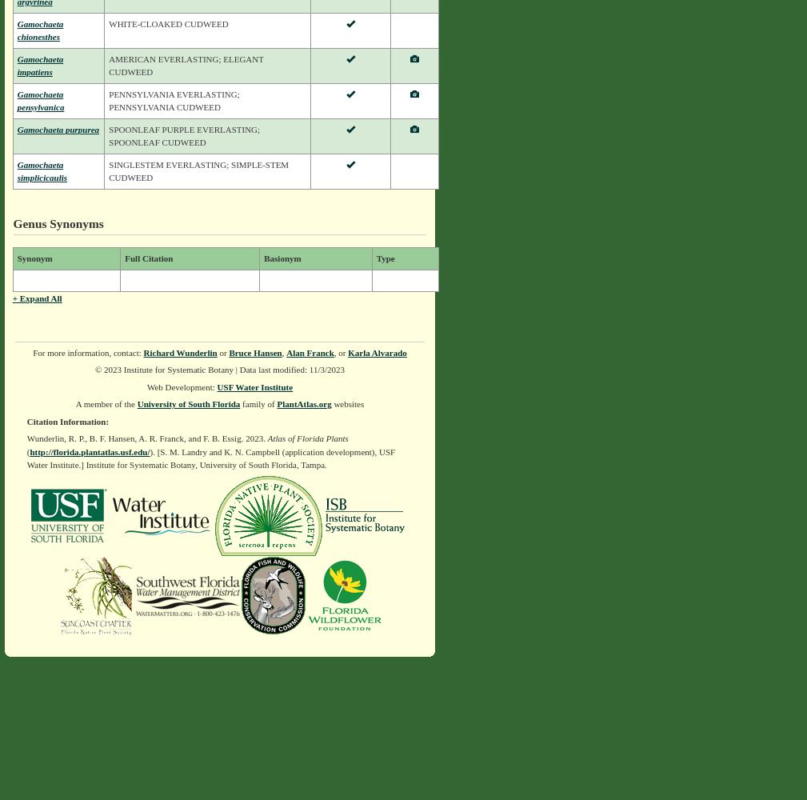  What do you see at coordinates (309, 351) in the screenshot?
I see `'Alan Franck'` at bounding box center [309, 351].